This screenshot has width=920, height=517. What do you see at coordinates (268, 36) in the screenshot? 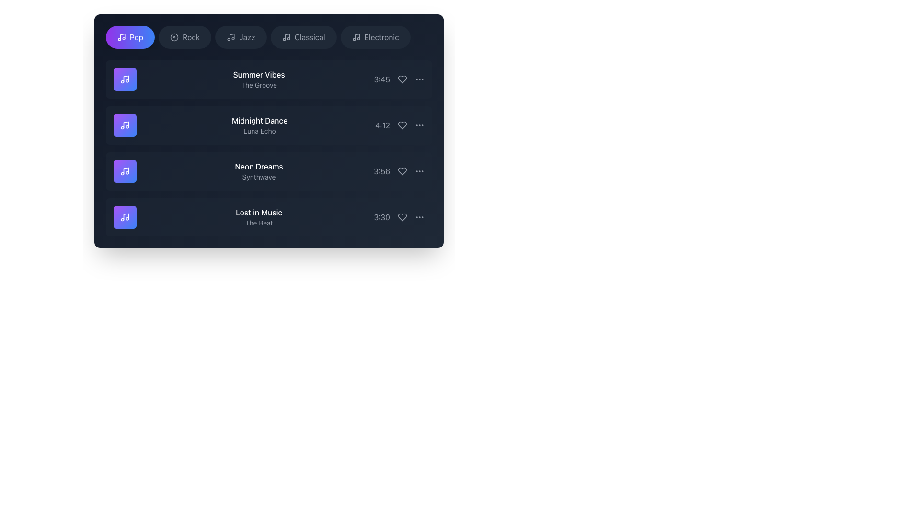
I see `the genre button in the Tab bar` at bounding box center [268, 36].